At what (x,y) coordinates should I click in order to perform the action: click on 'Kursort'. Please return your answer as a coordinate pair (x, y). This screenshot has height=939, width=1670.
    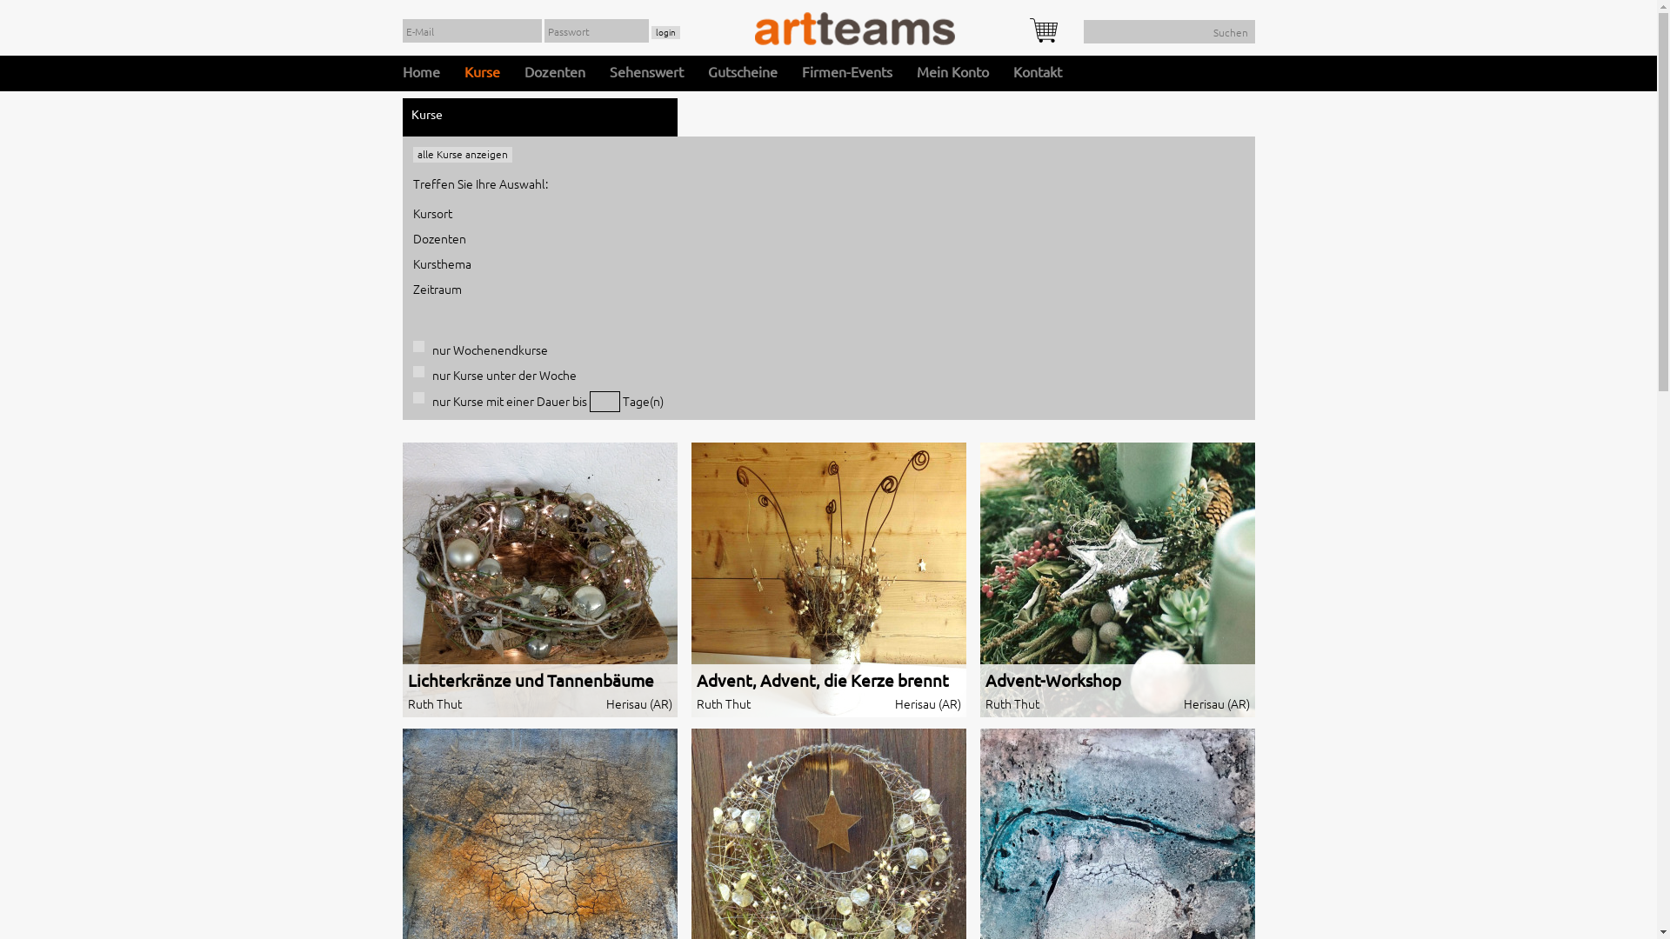
    Looking at the image, I should click on (411, 212).